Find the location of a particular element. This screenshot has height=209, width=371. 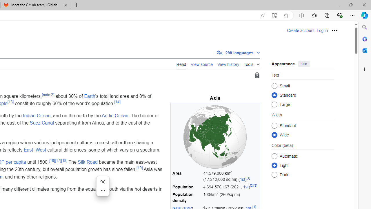

'Class: infobox-image' is located at coordinates (215, 137).